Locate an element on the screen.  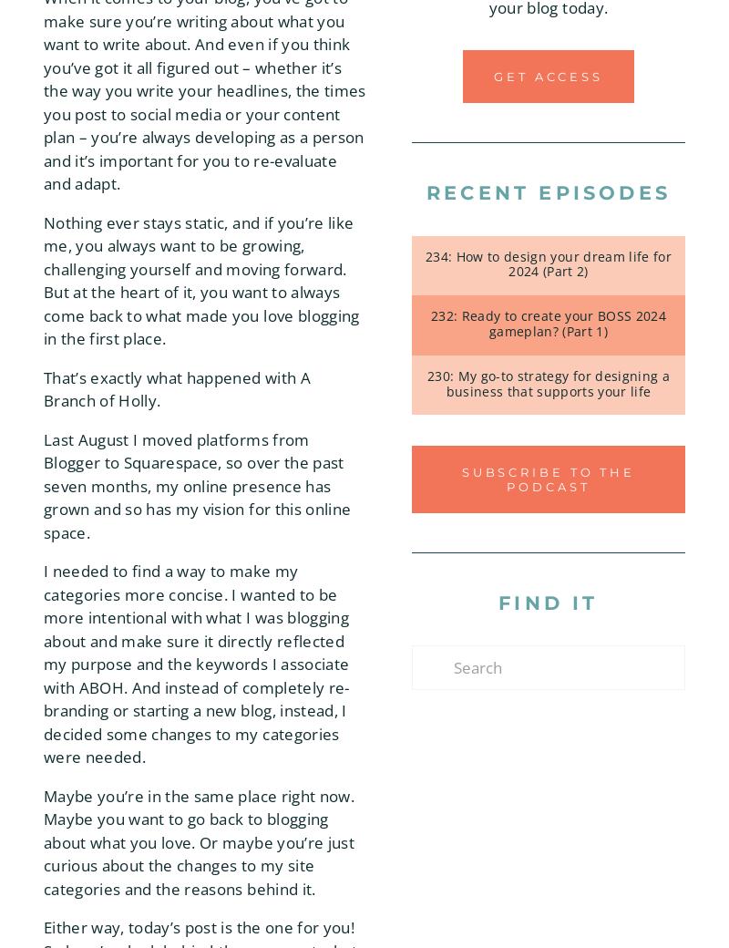
'232:  Ready to create your BOSS 2024 gameplan? (Part 1)' is located at coordinates (548, 322).